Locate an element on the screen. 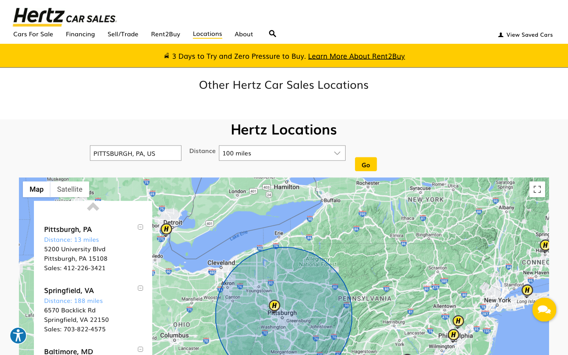 Image resolution: width=568 pixels, height=355 pixels. Delve deeper into details about Springfield, VA is located at coordinates (68, 290).